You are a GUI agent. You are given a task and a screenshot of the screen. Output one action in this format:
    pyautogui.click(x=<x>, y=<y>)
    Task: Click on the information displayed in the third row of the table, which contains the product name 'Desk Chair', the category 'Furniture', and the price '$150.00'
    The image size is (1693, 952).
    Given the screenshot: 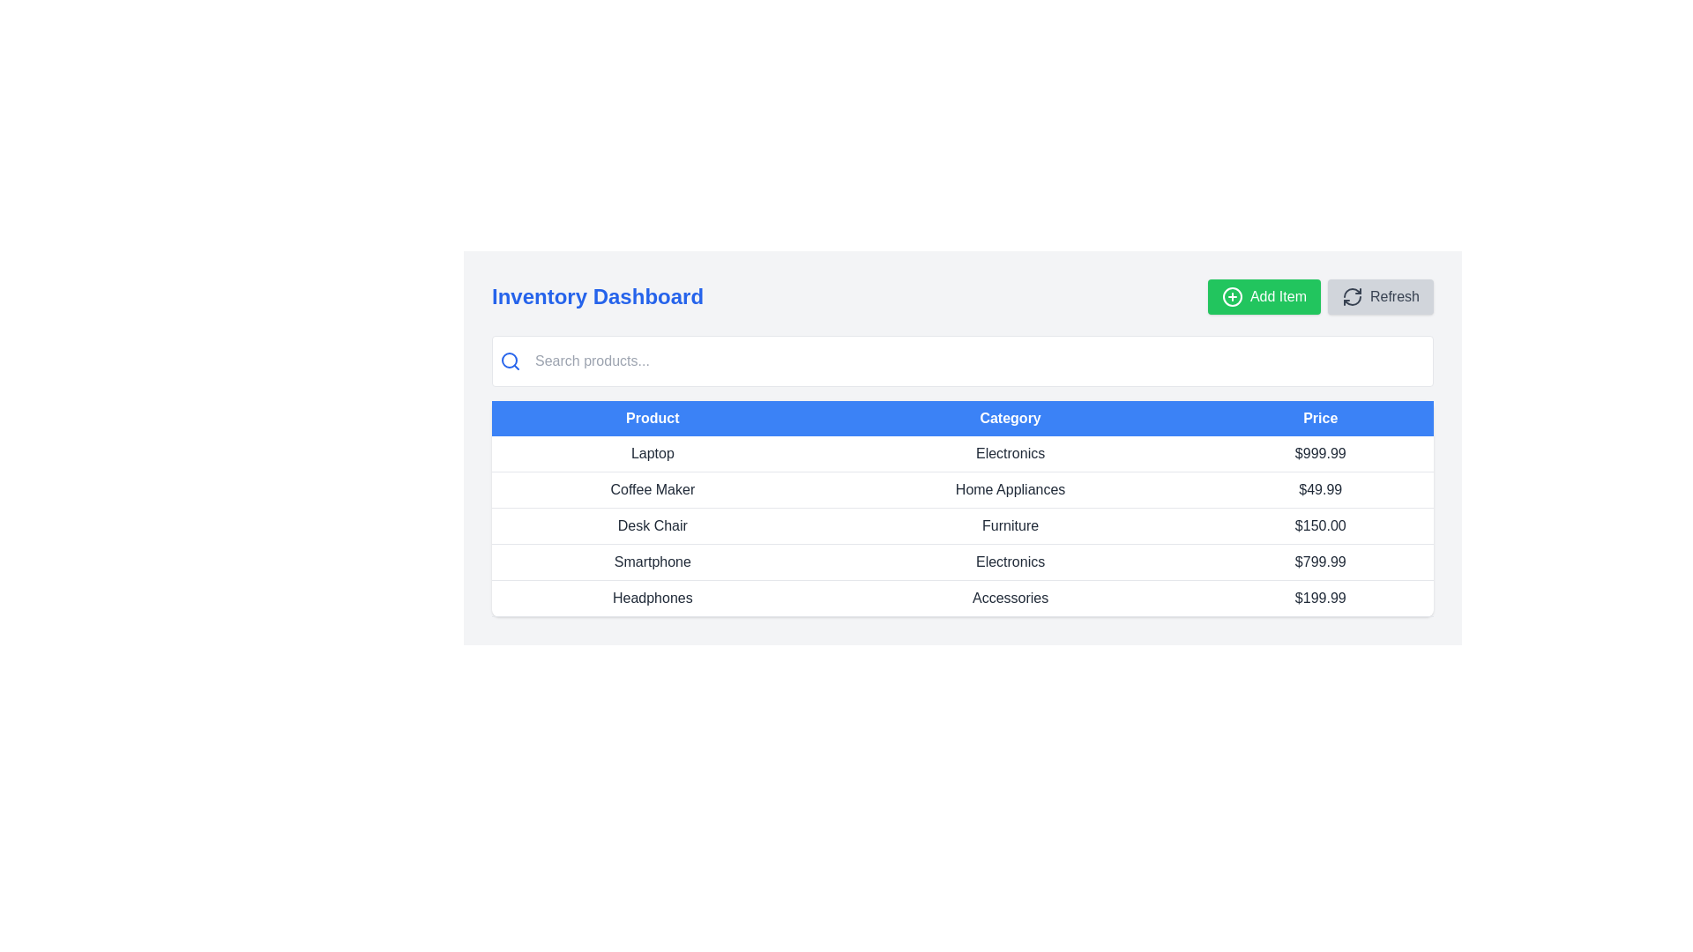 What is the action you would take?
    pyautogui.click(x=961, y=525)
    